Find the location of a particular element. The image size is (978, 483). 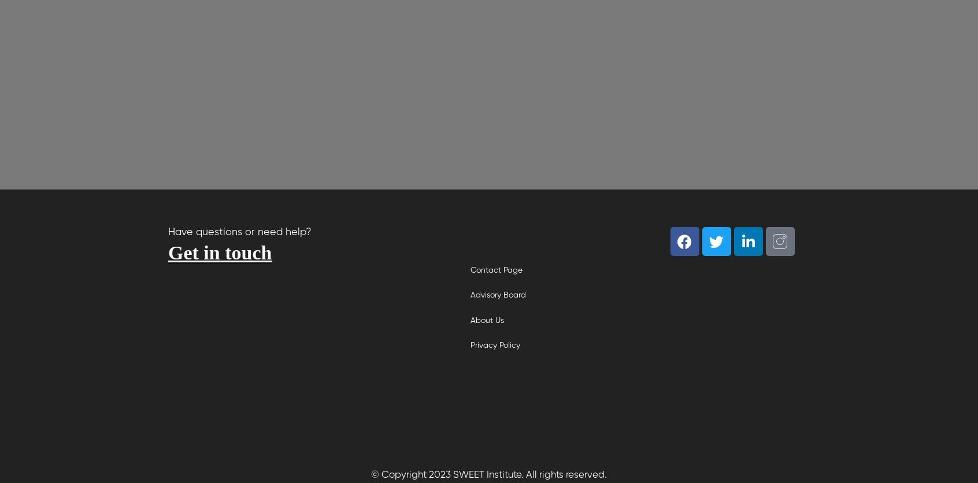

'Saturday & Sunday: Closed' is located at coordinates (253, 430).